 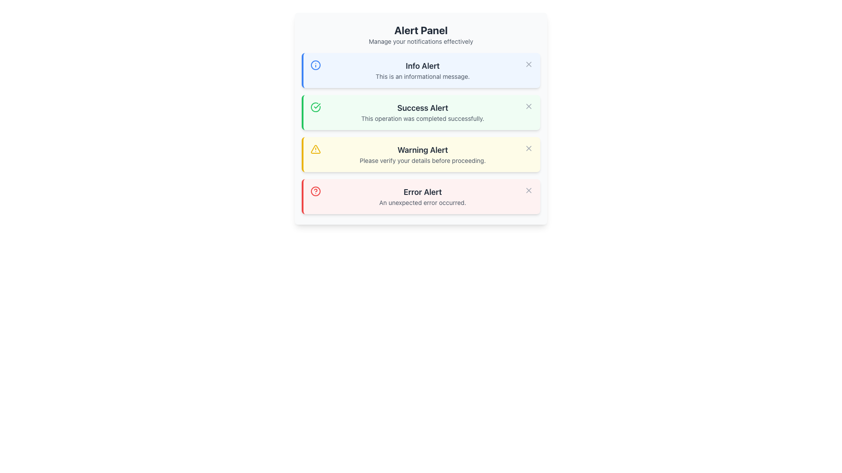 I want to click on the triangular warning icon with a yellow border located in the third alert box labeled 'Warning Alert', which is vertically centered within the alert box, so click(x=316, y=148).